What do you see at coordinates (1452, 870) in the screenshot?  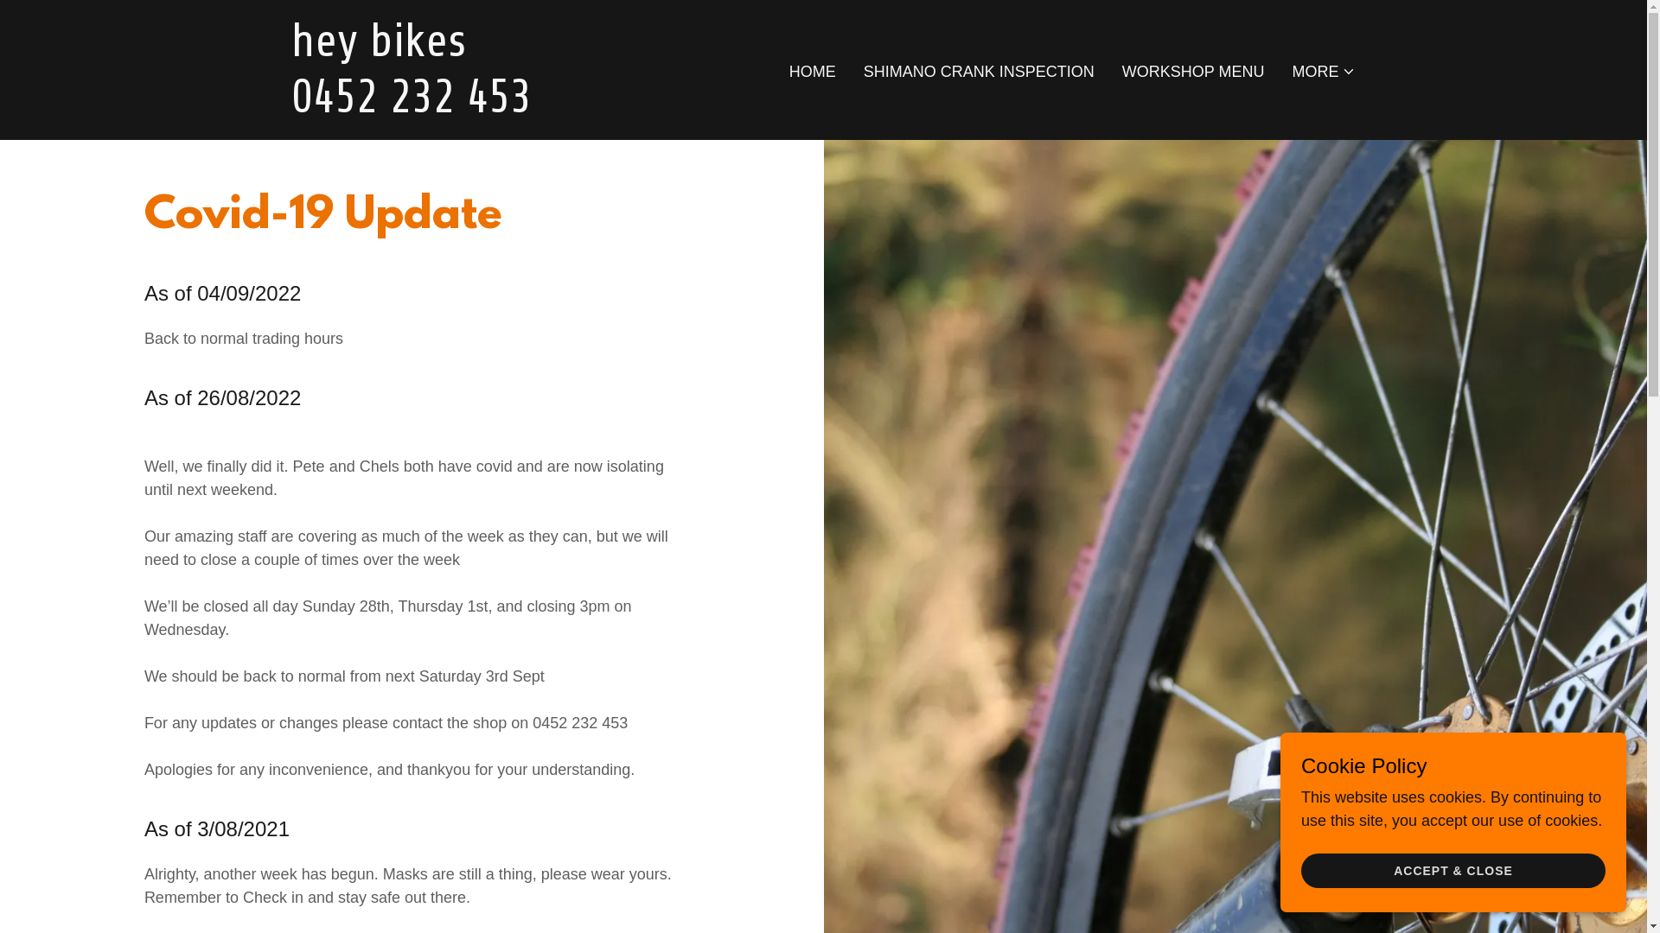 I see `'ACCEPT & CLOSE'` at bounding box center [1452, 870].